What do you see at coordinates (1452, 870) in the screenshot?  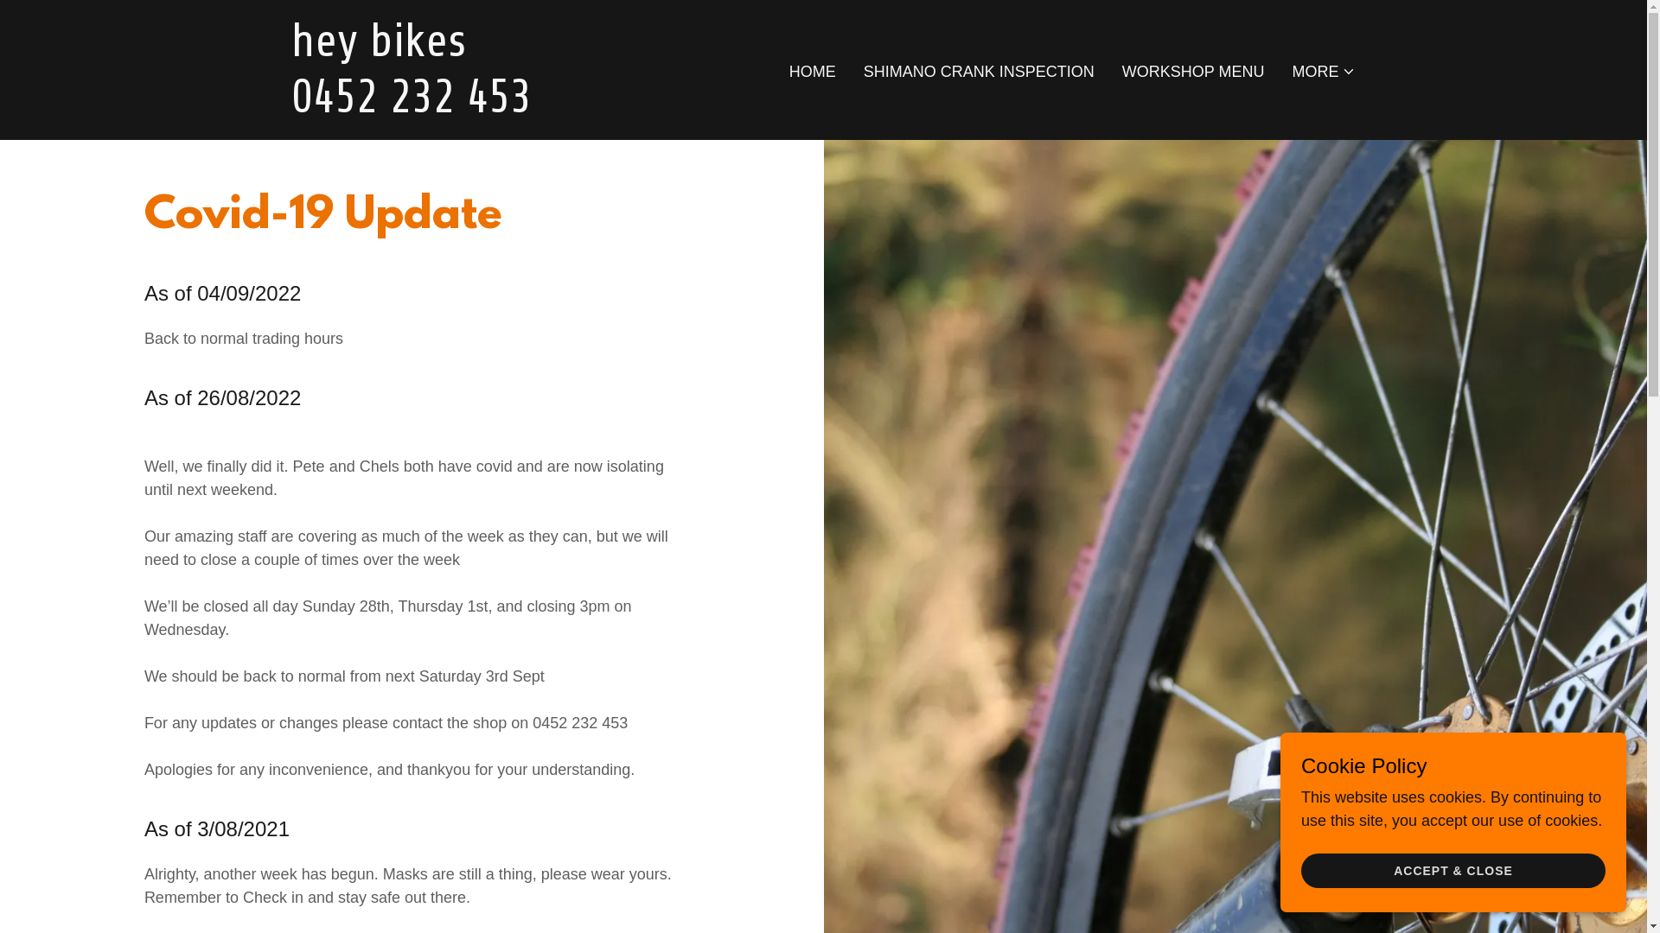 I see `'ACCEPT & CLOSE'` at bounding box center [1452, 870].